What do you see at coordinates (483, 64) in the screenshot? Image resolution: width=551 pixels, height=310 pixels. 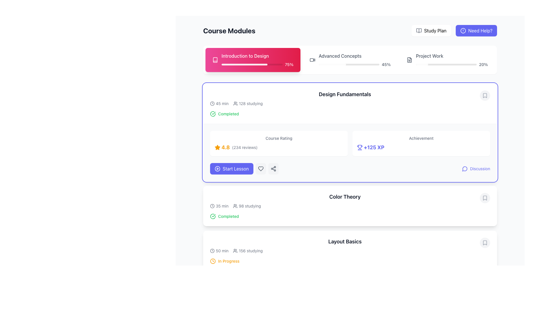 I see `text content of the progress percentage label located on the right side of the third progress bar under the 'Project Work' header` at bounding box center [483, 64].